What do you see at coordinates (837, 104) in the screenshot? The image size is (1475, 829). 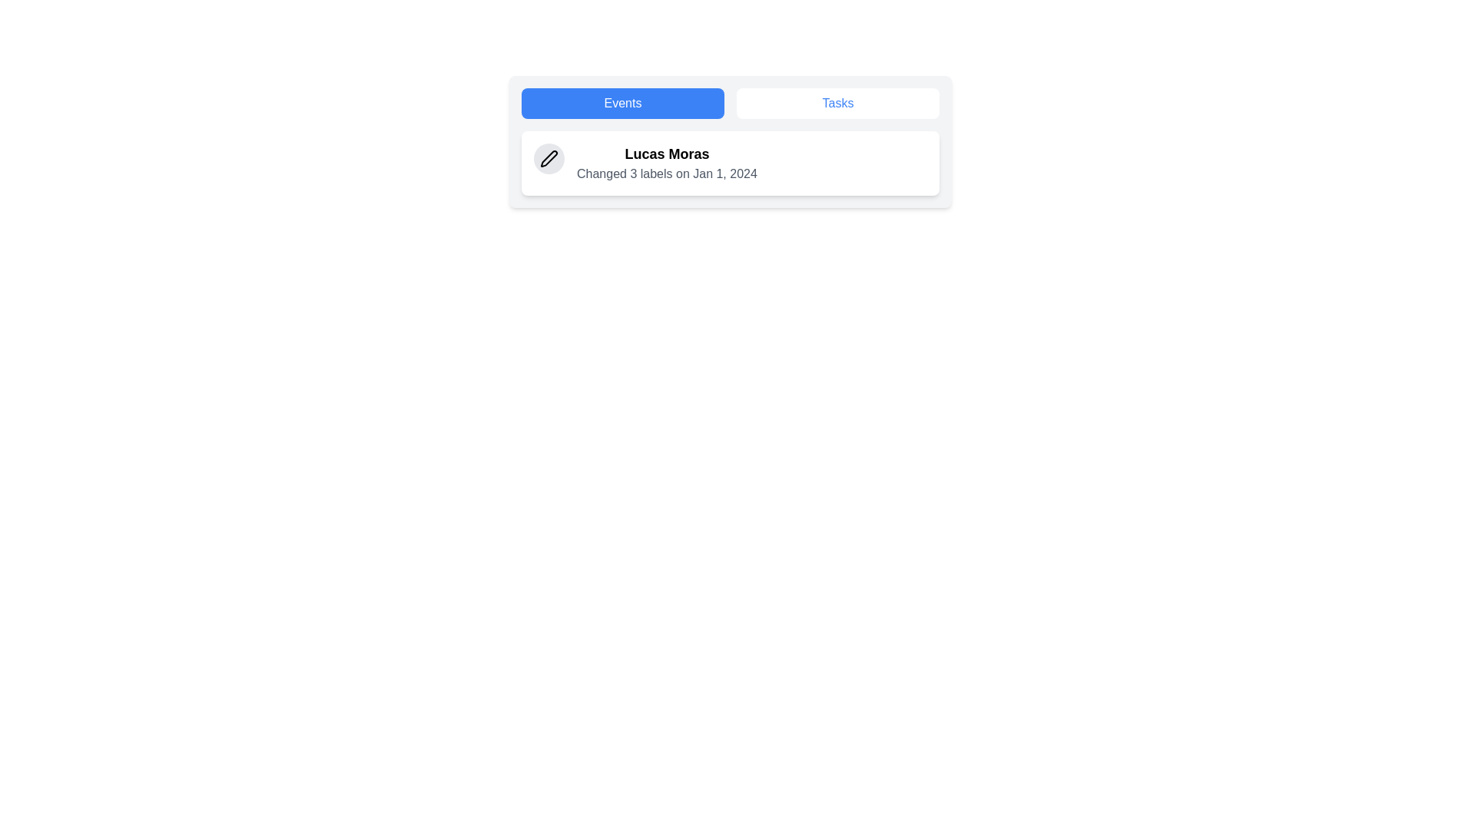 I see `the 'Tasks' button, which is a rectangular button with white background and blue text` at bounding box center [837, 104].